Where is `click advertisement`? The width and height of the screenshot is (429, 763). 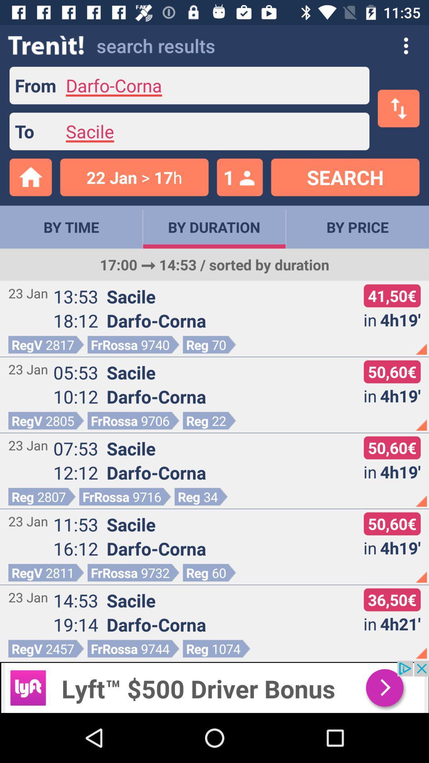
click advertisement is located at coordinates (214, 686).